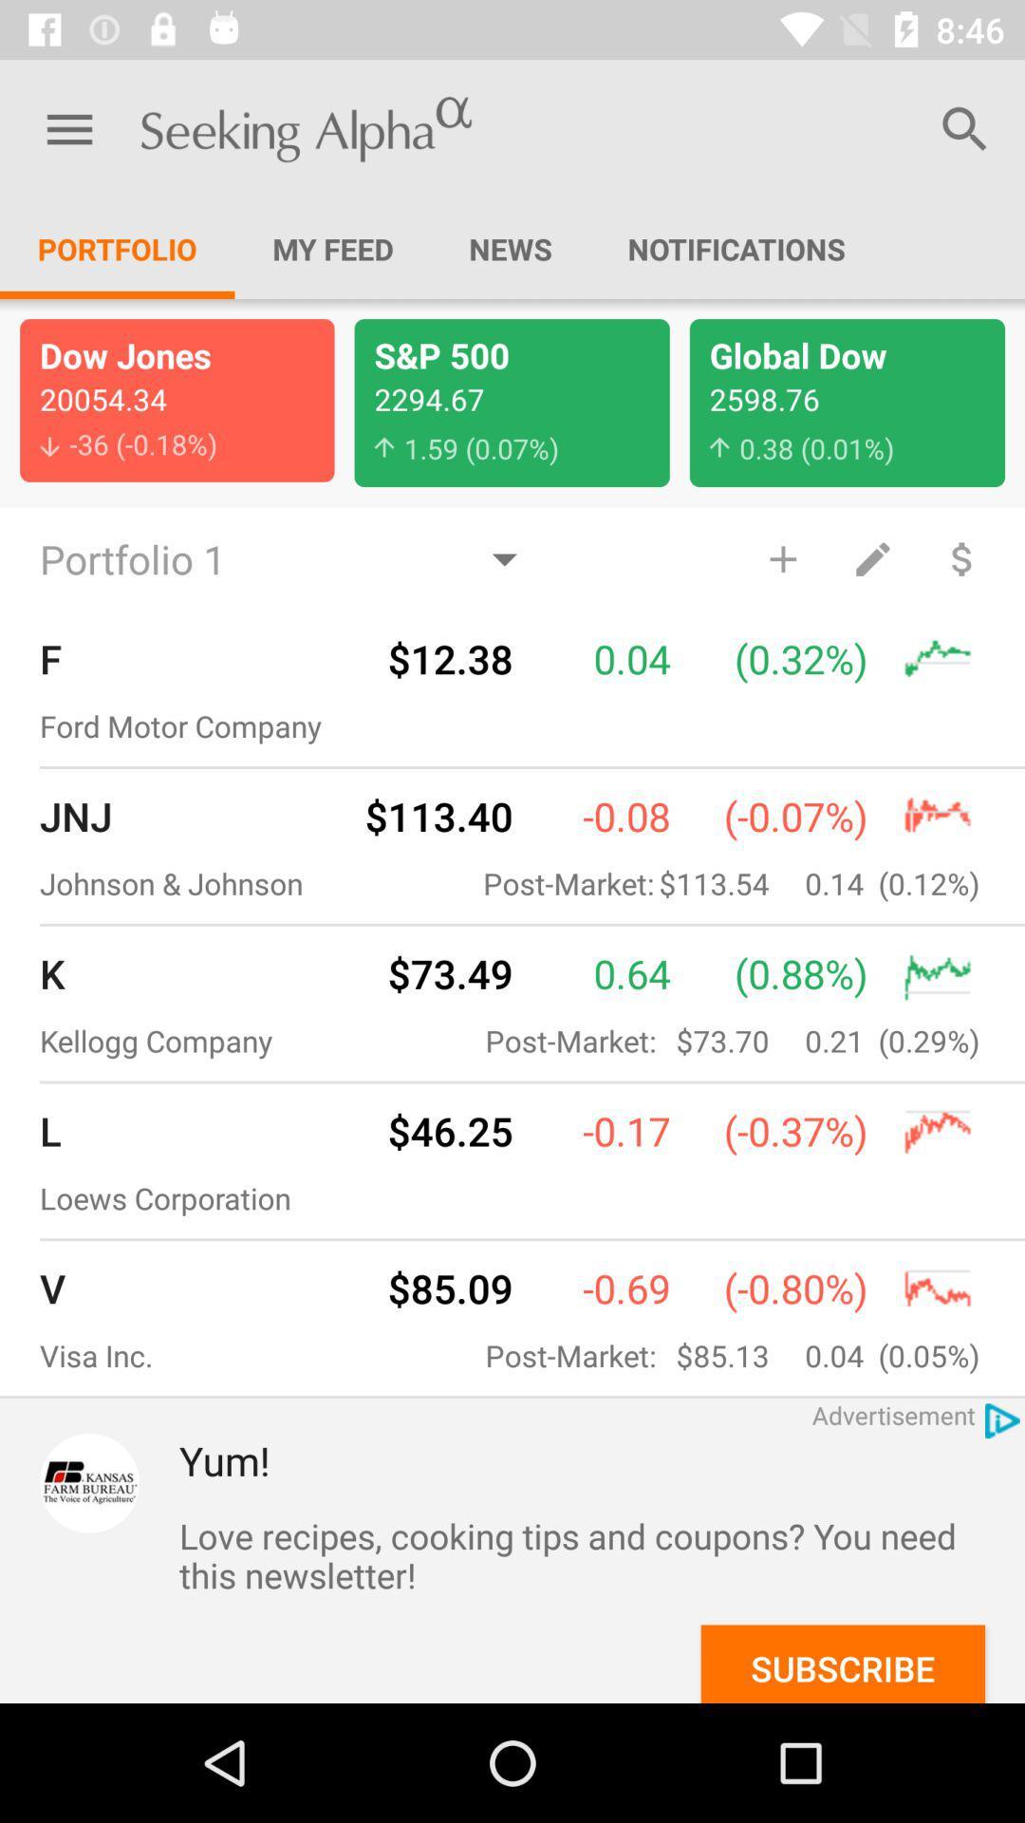 The width and height of the screenshot is (1025, 1823). Describe the element at coordinates (783, 557) in the screenshot. I see `to portfolio` at that location.